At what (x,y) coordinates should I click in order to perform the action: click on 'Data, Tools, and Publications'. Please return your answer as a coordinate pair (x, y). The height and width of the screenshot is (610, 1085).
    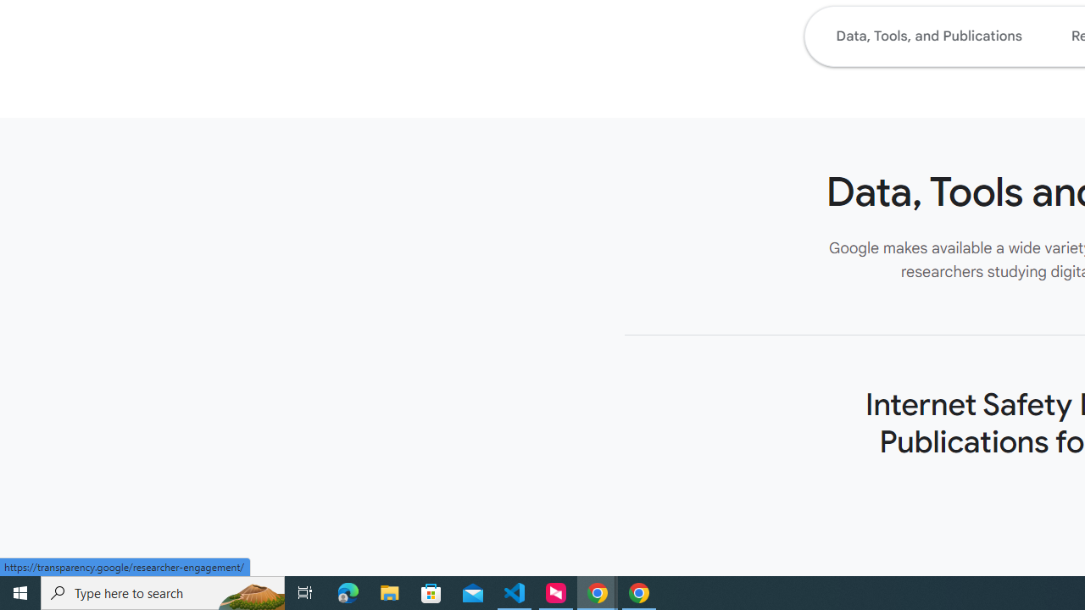
    Looking at the image, I should click on (927, 36).